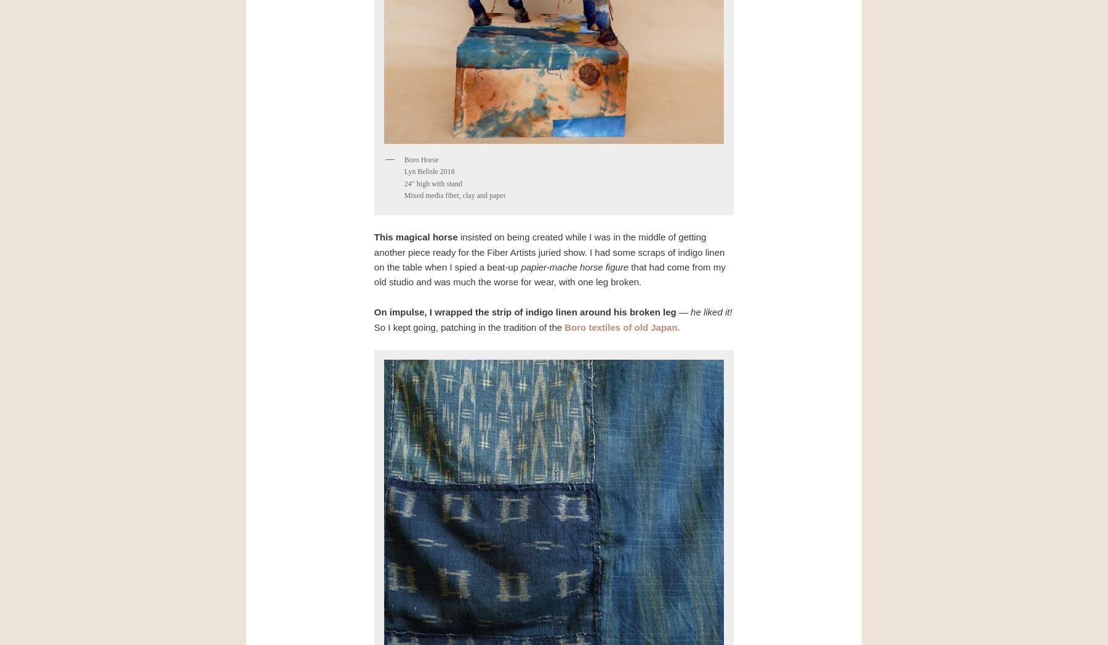  Describe the element at coordinates (468, 326) in the screenshot. I see `'So I kept going, patching in the tradition of the'` at that location.